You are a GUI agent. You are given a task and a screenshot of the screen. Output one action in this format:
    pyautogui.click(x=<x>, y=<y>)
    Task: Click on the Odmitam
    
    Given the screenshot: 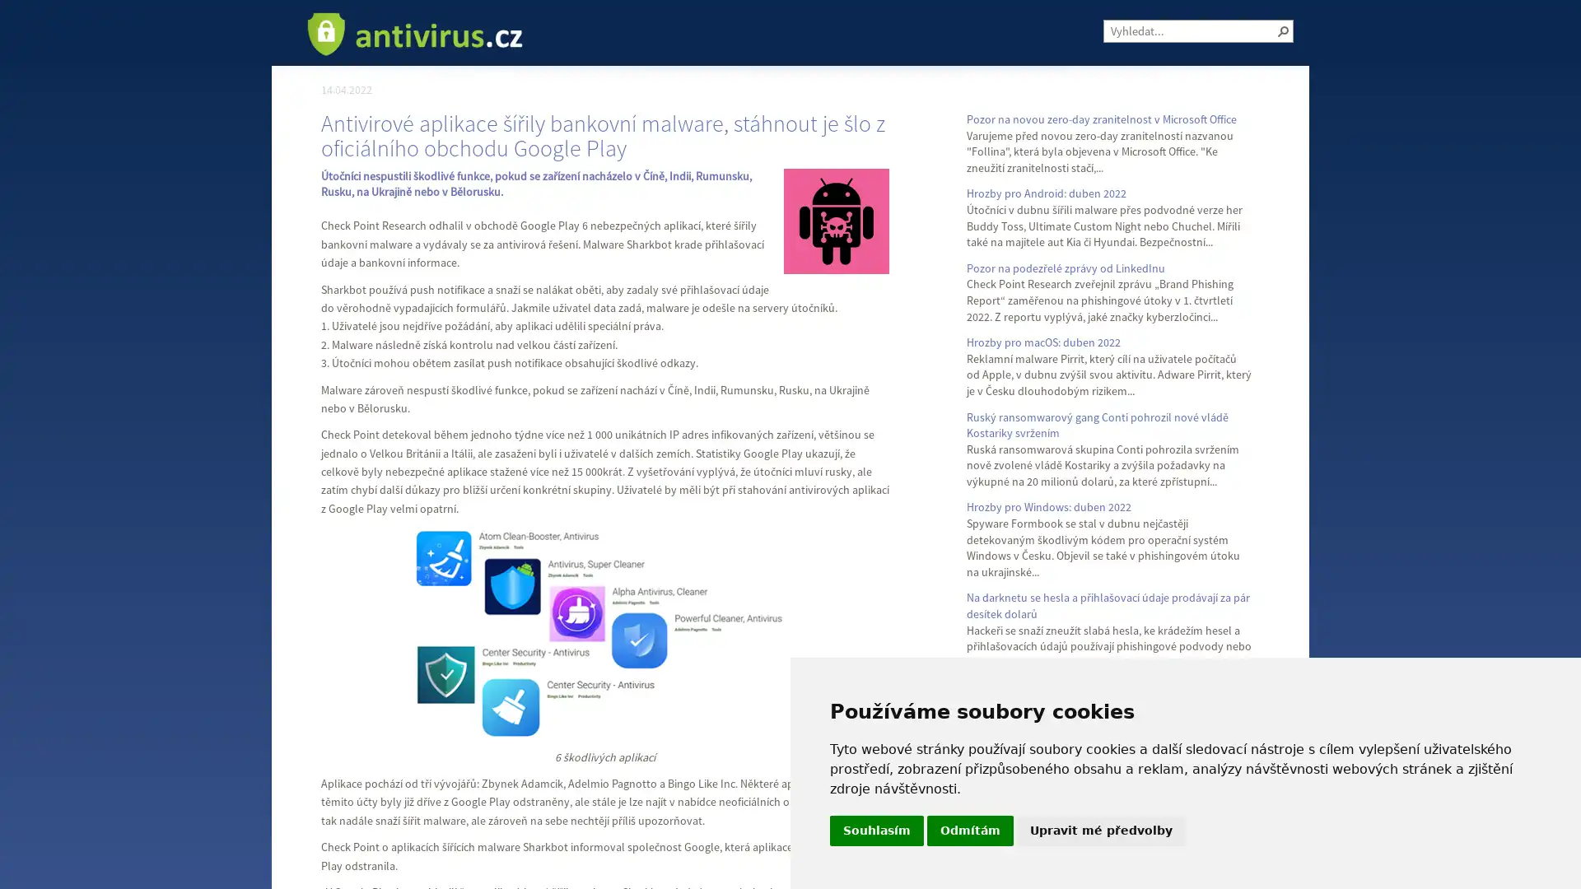 What is the action you would take?
    pyautogui.click(x=970, y=831)
    